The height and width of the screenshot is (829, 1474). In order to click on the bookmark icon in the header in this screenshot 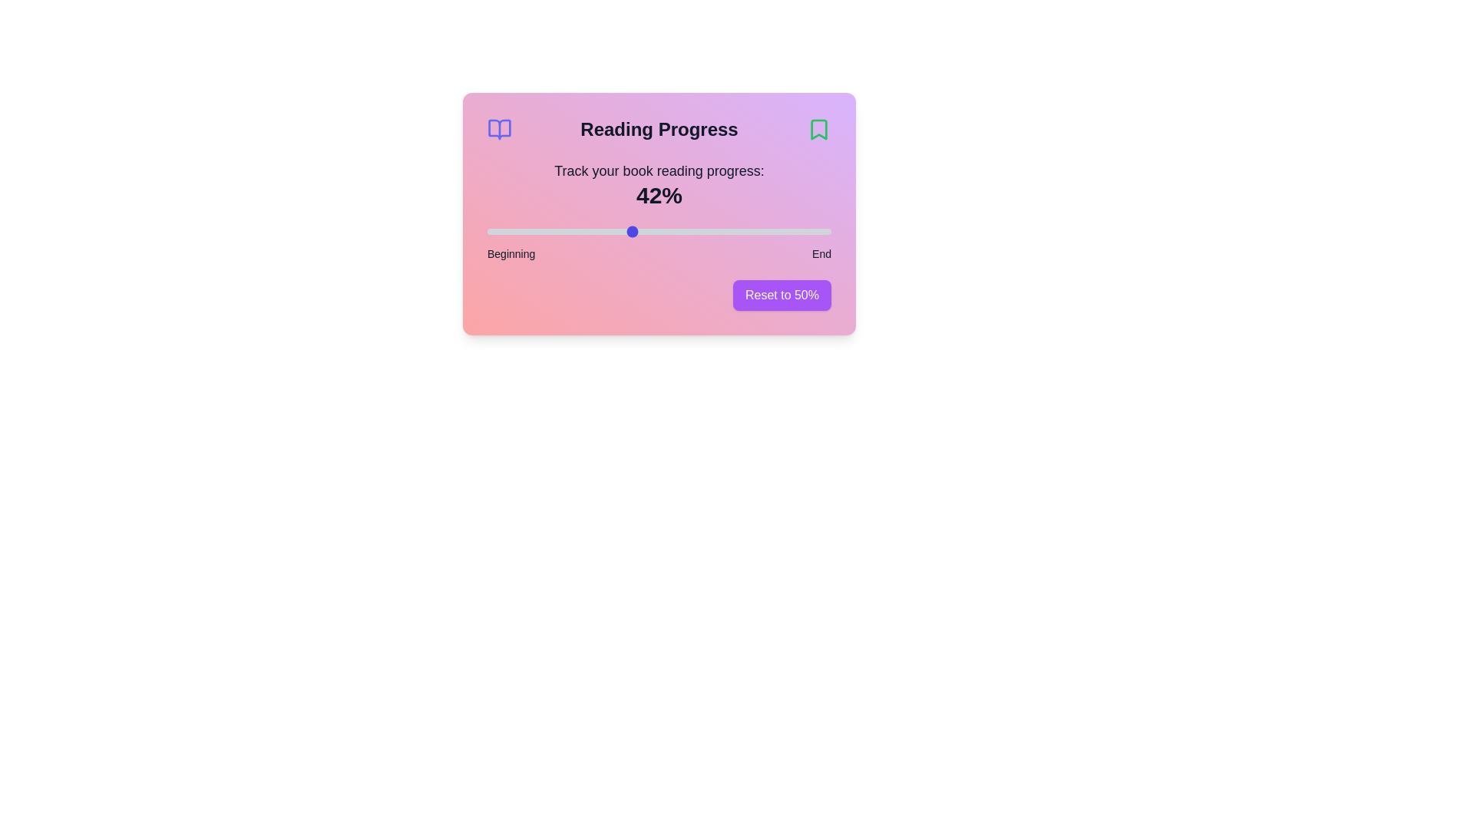, I will do `click(818, 129)`.